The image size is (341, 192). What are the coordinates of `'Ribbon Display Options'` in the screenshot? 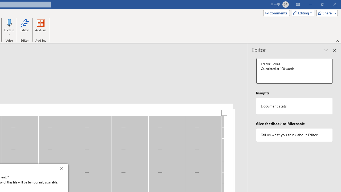 It's located at (298, 4).